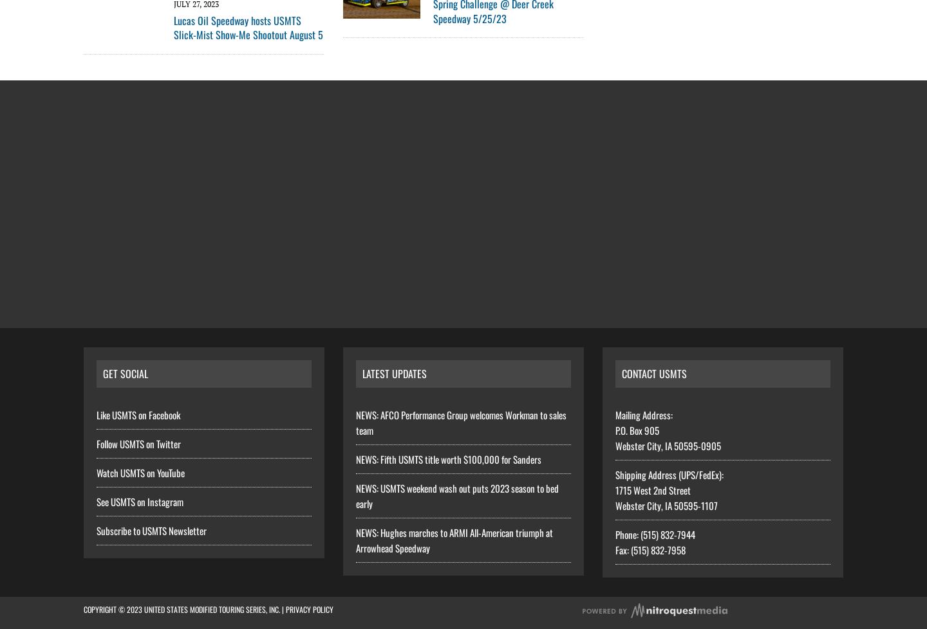 This screenshot has height=629, width=927. What do you see at coordinates (140, 471) in the screenshot?
I see `'Watch USMTS on YouTube'` at bounding box center [140, 471].